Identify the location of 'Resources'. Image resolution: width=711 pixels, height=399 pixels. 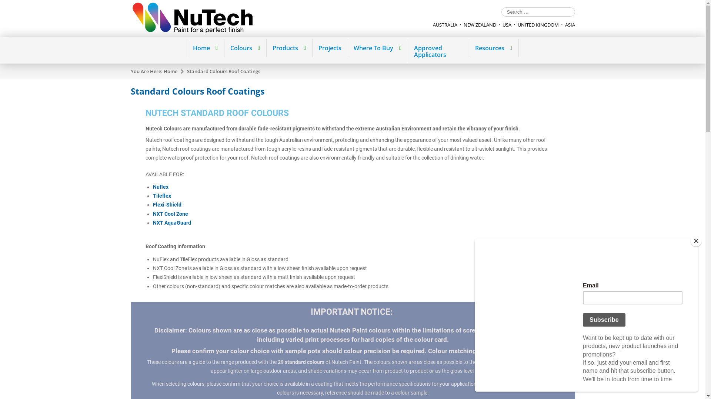
(469, 48).